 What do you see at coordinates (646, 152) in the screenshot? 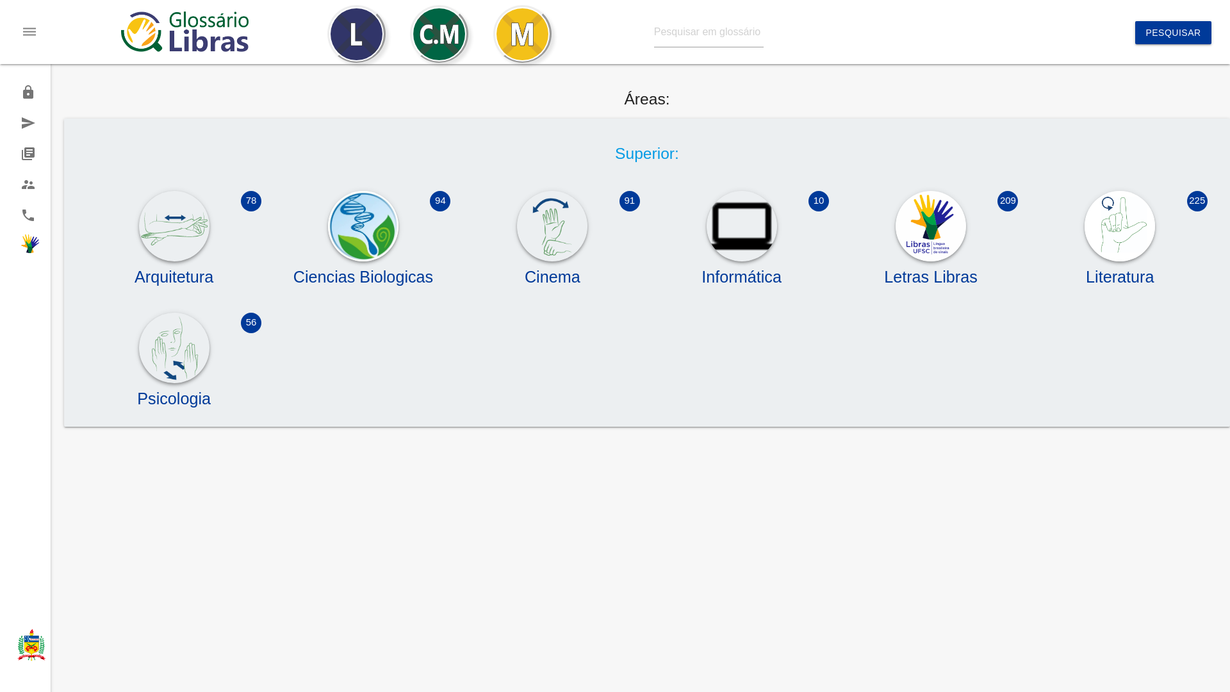
I see `'Superior:'` at bounding box center [646, 152].